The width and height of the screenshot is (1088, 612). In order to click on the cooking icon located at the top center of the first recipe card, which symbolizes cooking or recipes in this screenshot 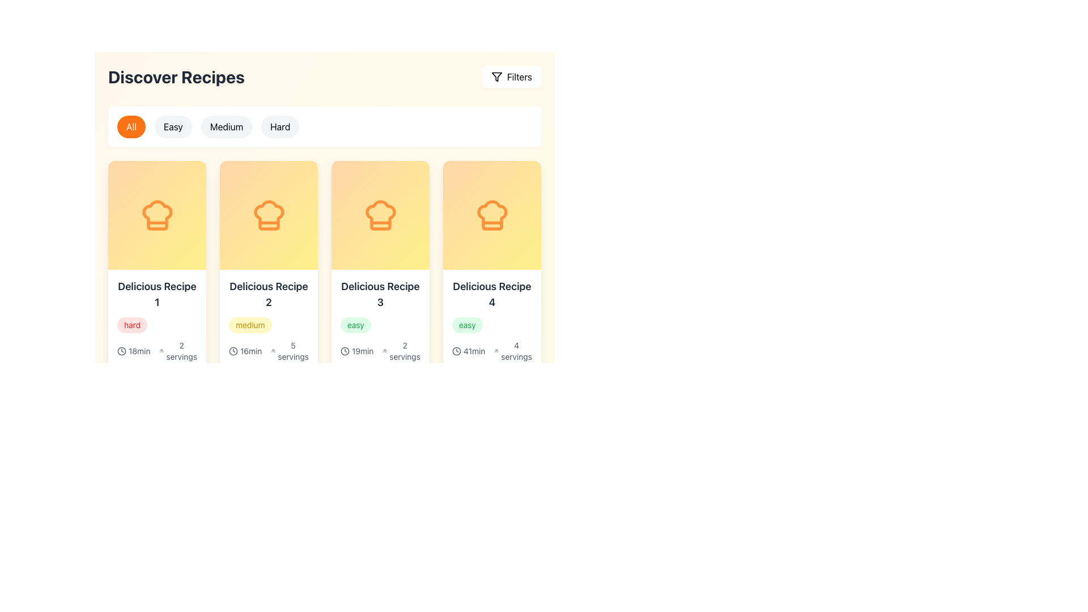, I will do `click(156, 215)`.